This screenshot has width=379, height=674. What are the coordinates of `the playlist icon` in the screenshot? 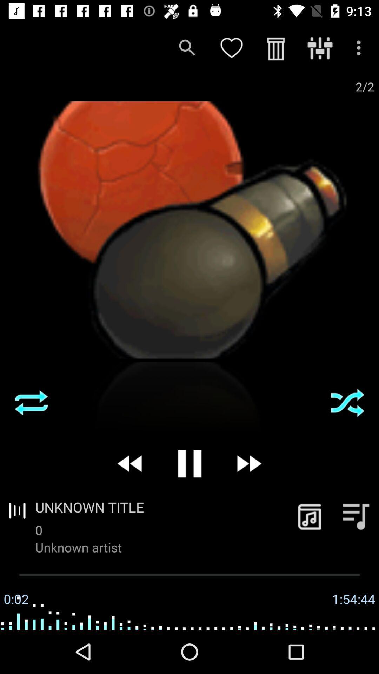 It's located at (356, 516).